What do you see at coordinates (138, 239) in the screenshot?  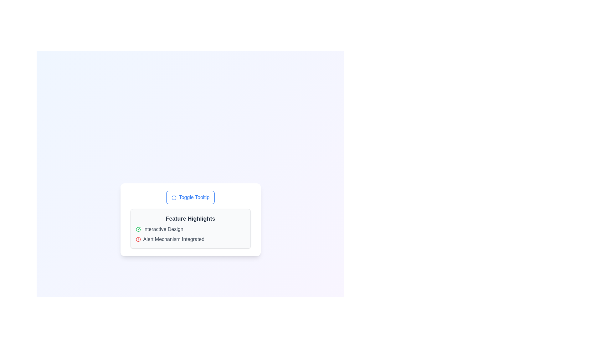 I see `the alert icon located in the second row of the 'Feature Highlights' list, which is to the left of the 'Alert Mechanism Integrated' text` at bounding box center [138, 239].